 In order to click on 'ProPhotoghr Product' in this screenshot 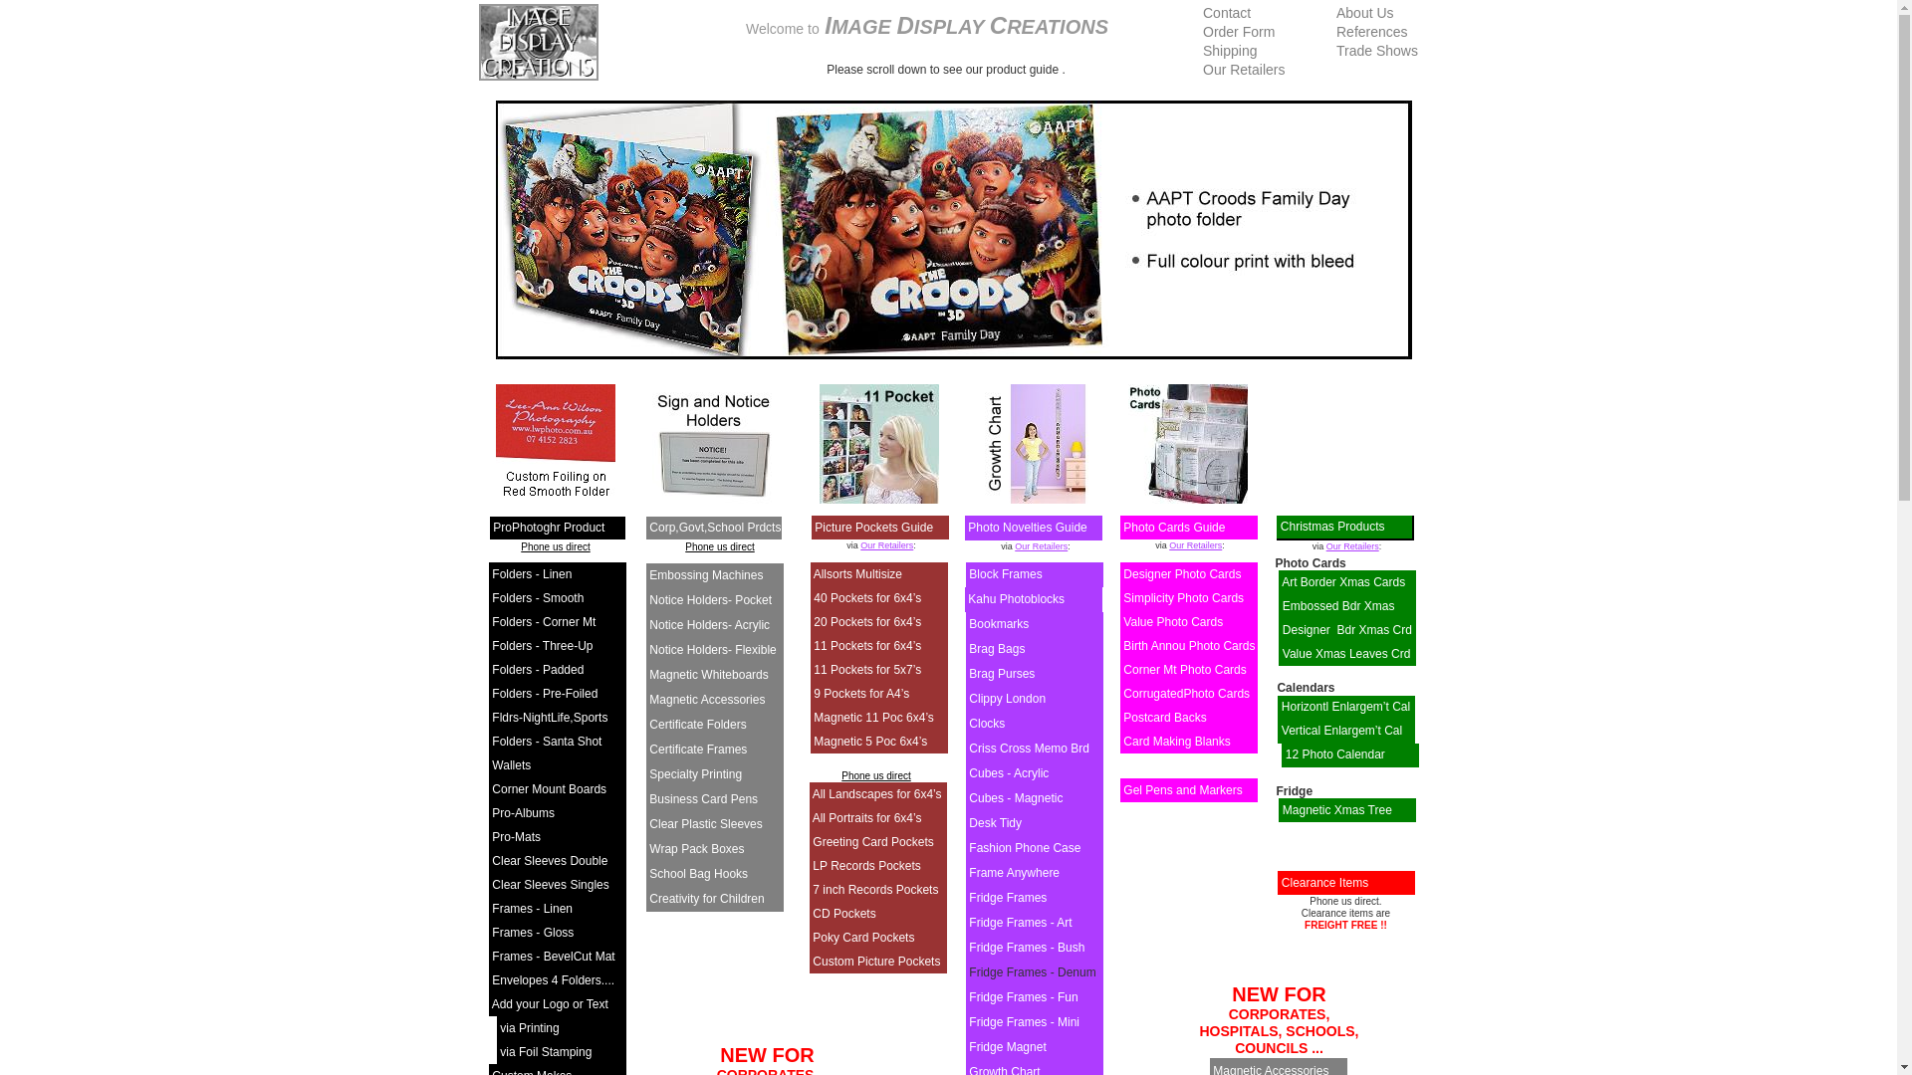, I will do `click(492, 526)`.